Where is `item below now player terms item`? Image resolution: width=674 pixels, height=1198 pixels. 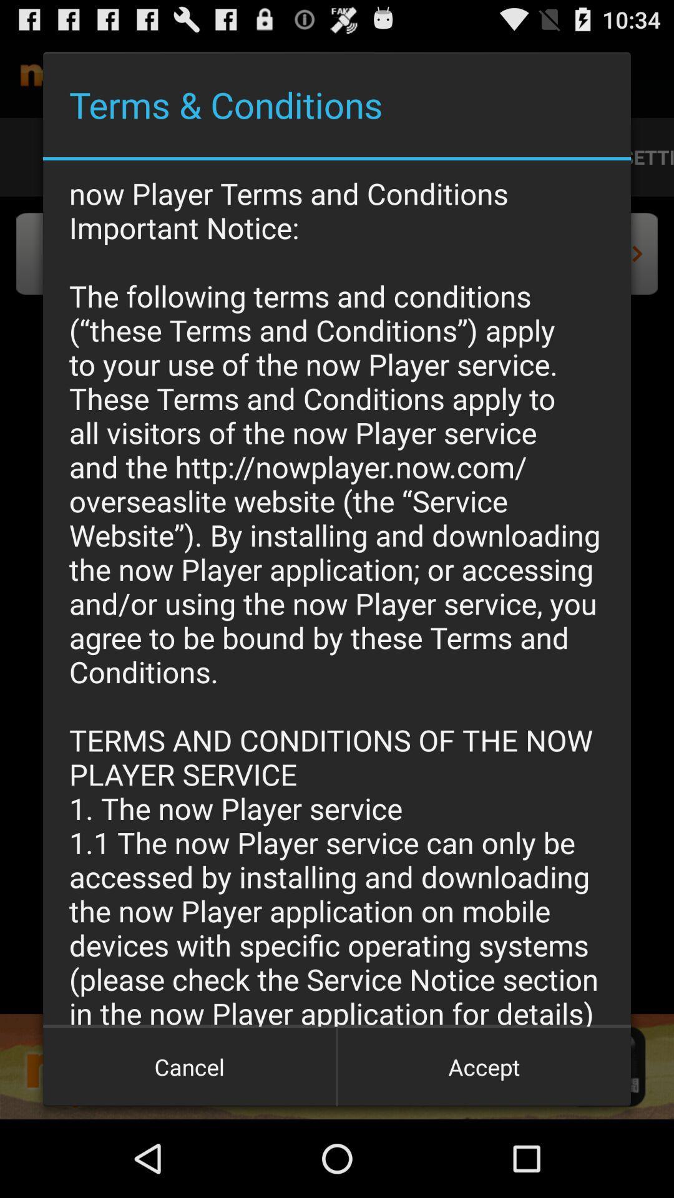
item below now player terms item is located at coordinates (190, 1066).